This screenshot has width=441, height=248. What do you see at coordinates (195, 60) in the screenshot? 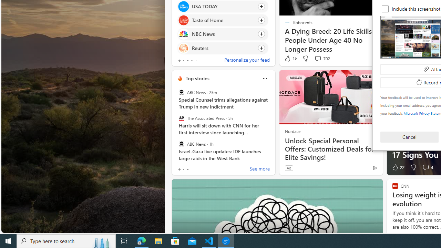
I see `'tab-4'` at bounding box center [195, 60].